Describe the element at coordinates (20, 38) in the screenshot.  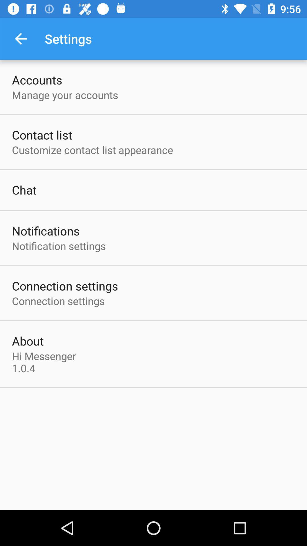
I see `the icon next to settings item` at that location.